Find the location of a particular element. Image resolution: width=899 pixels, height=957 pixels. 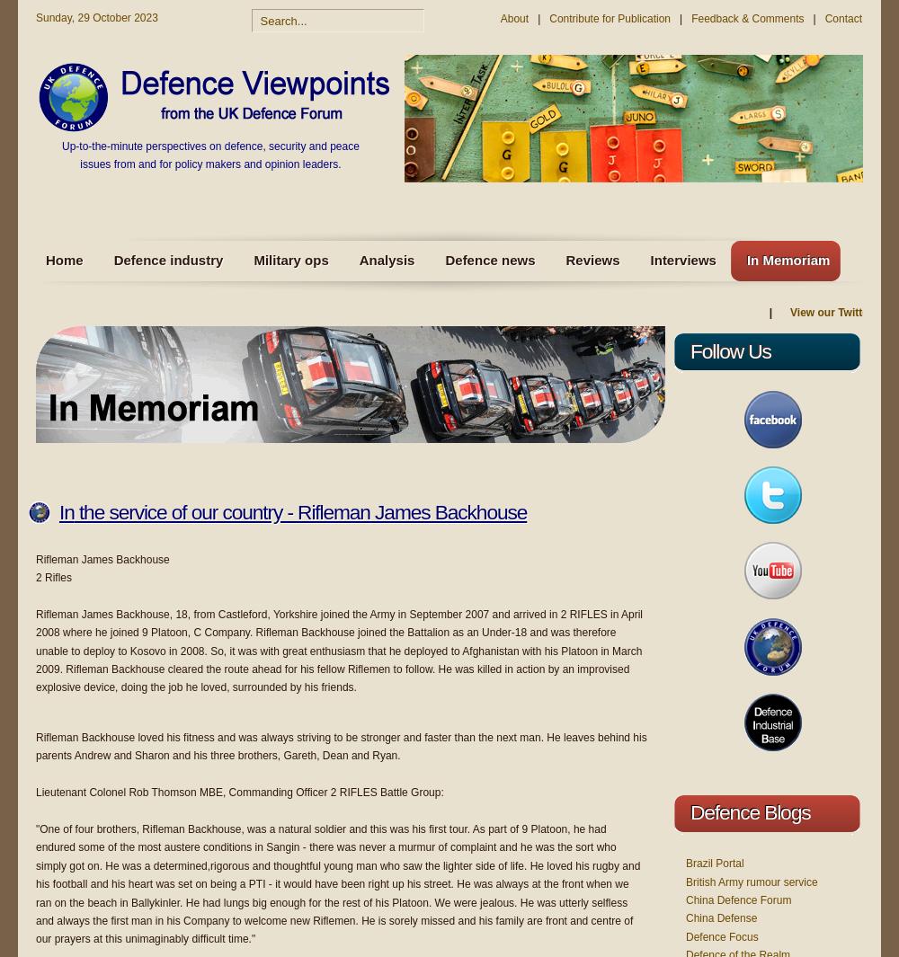

'Up-to-the-minute perspectives on defence, security and peace' is located at coordinates (209, 146).